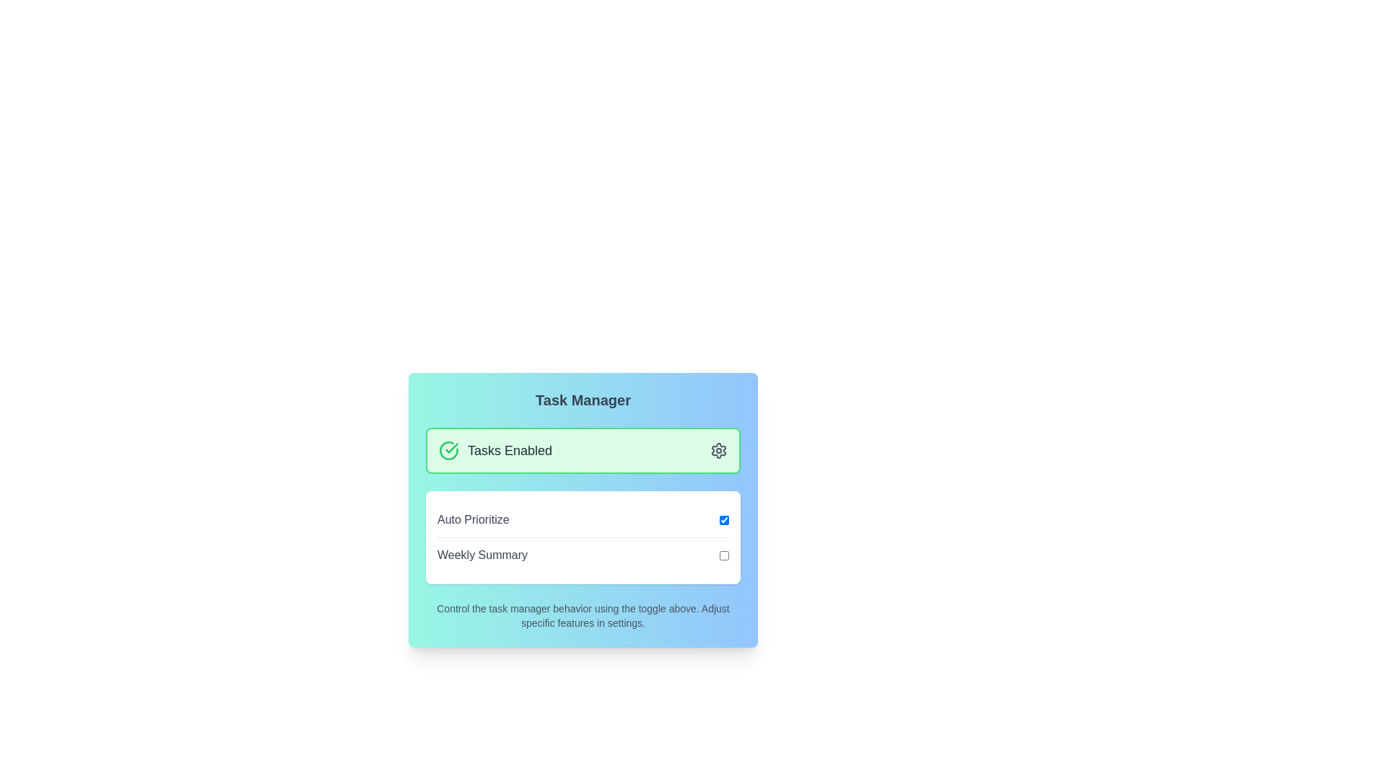 This screenshot has height=779, width=1386. I want to click on the checkmark icon indicating a confirmation or success status located inside the circular icon at the top-left of the 'Tasks Enabled' section, so click(451, 447).